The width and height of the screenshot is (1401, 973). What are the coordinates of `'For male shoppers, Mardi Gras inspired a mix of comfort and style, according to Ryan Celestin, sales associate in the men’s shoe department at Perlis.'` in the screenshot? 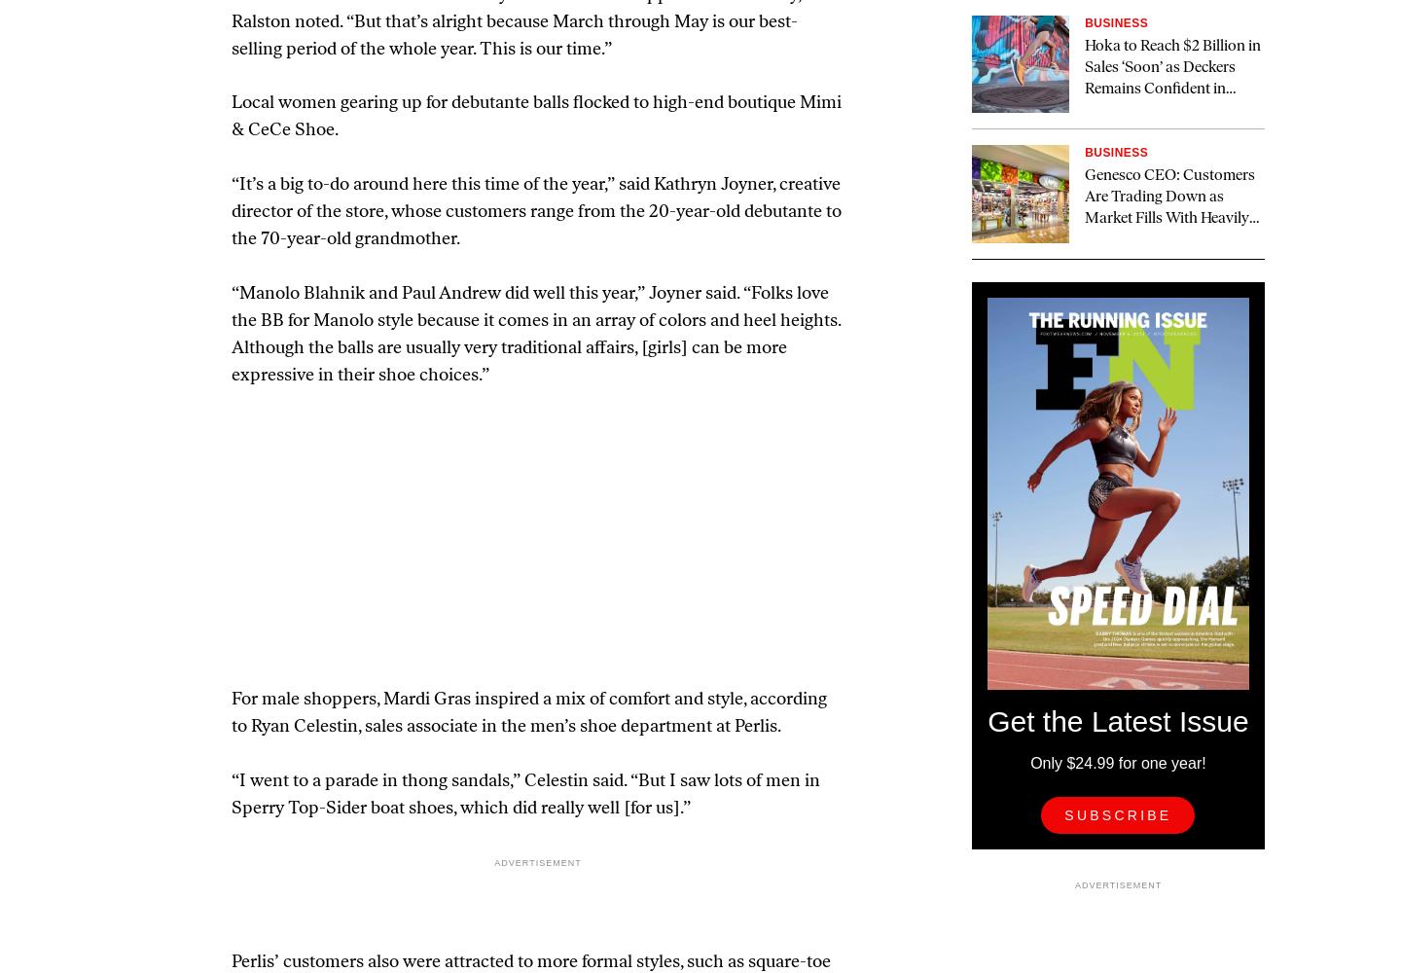 It's located at (529, 712).